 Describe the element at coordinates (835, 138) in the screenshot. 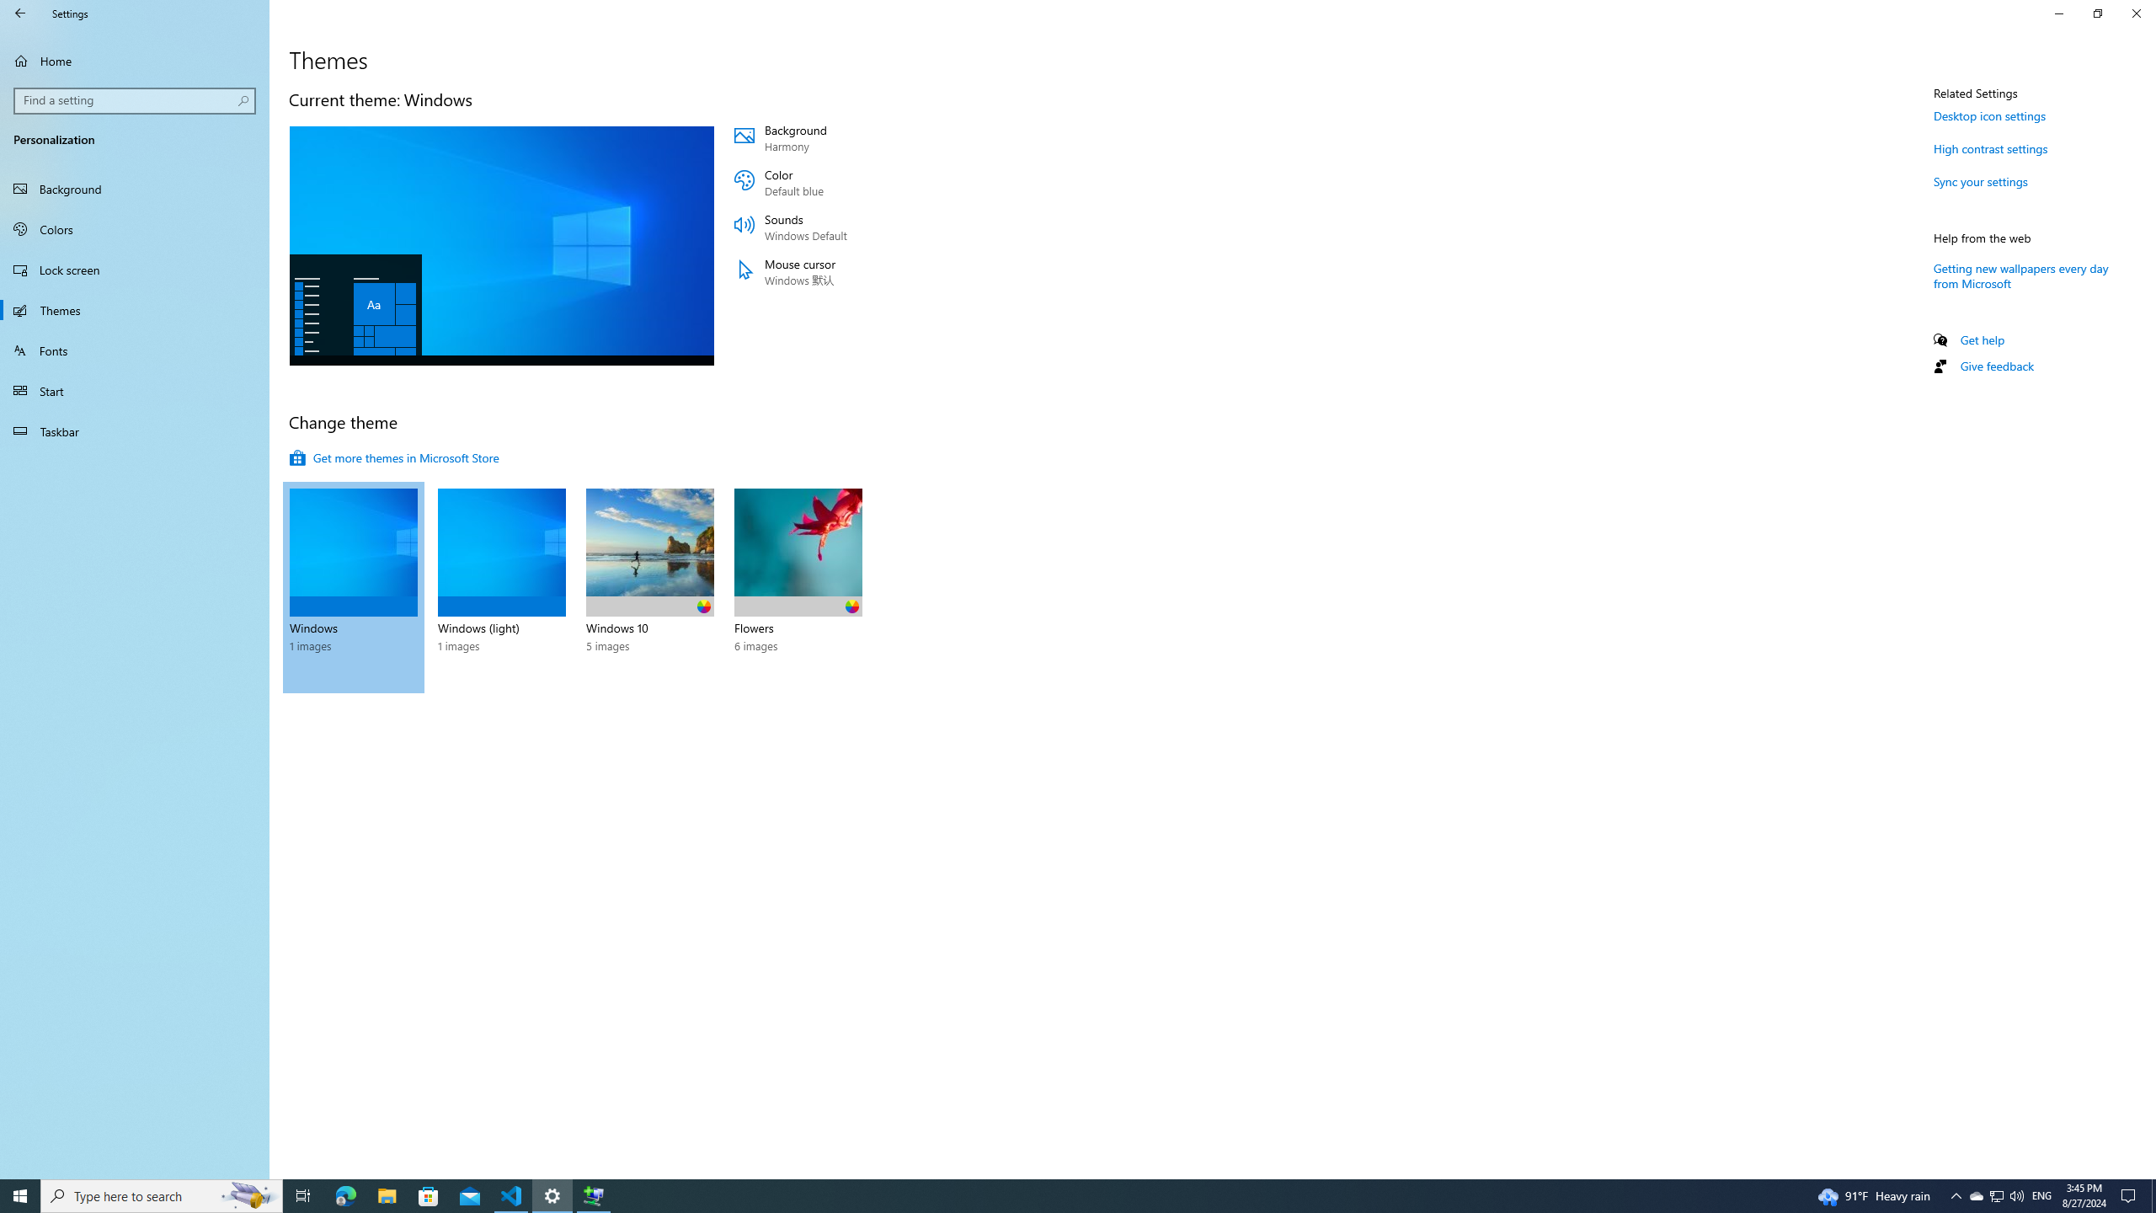

I see `'Background Harmony'` at that location.